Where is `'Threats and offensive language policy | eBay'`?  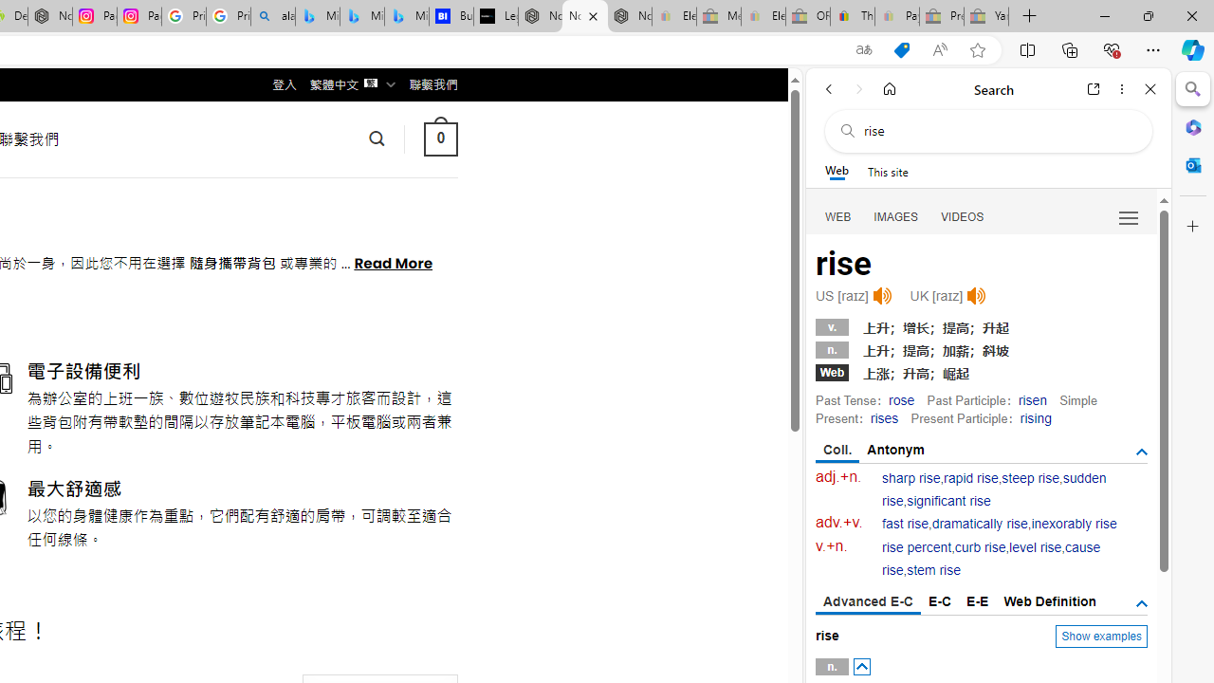 'Threats and offensive language policy | eBay' is located at coordinates (851, 16).